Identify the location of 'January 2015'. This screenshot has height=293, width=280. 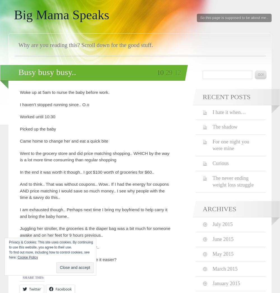
(213, 283).